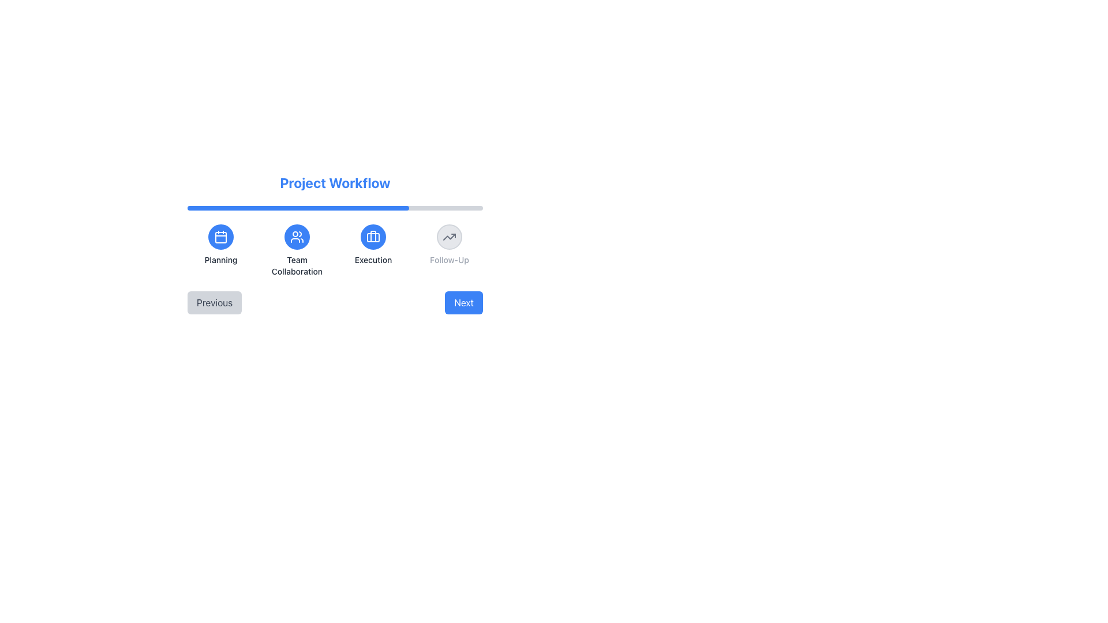  What do you see at coordinates (448, 250) in the screenshot?
I see `the Informational icon with an upward sloping arrow, labeled 'Follow-Up', which is the fourth item in the grid layout` at bounding box center [448, 250].